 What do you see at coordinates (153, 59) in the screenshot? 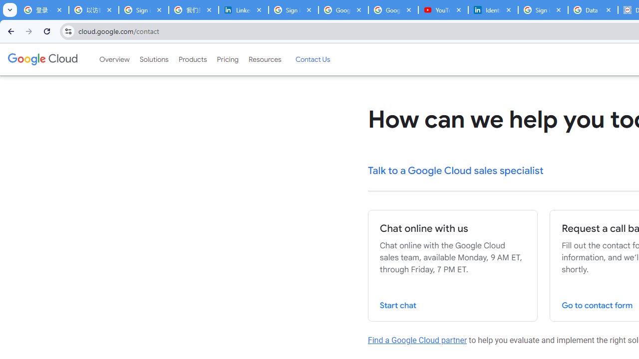
I see `'Solutions'` at bounding box center [153, 59].